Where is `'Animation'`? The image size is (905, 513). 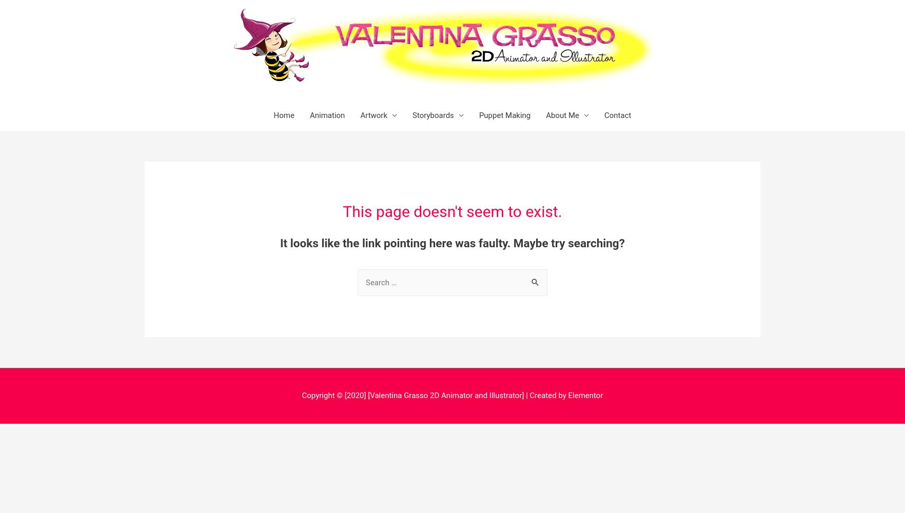
'Animation' is located at coordinates (327, 115).